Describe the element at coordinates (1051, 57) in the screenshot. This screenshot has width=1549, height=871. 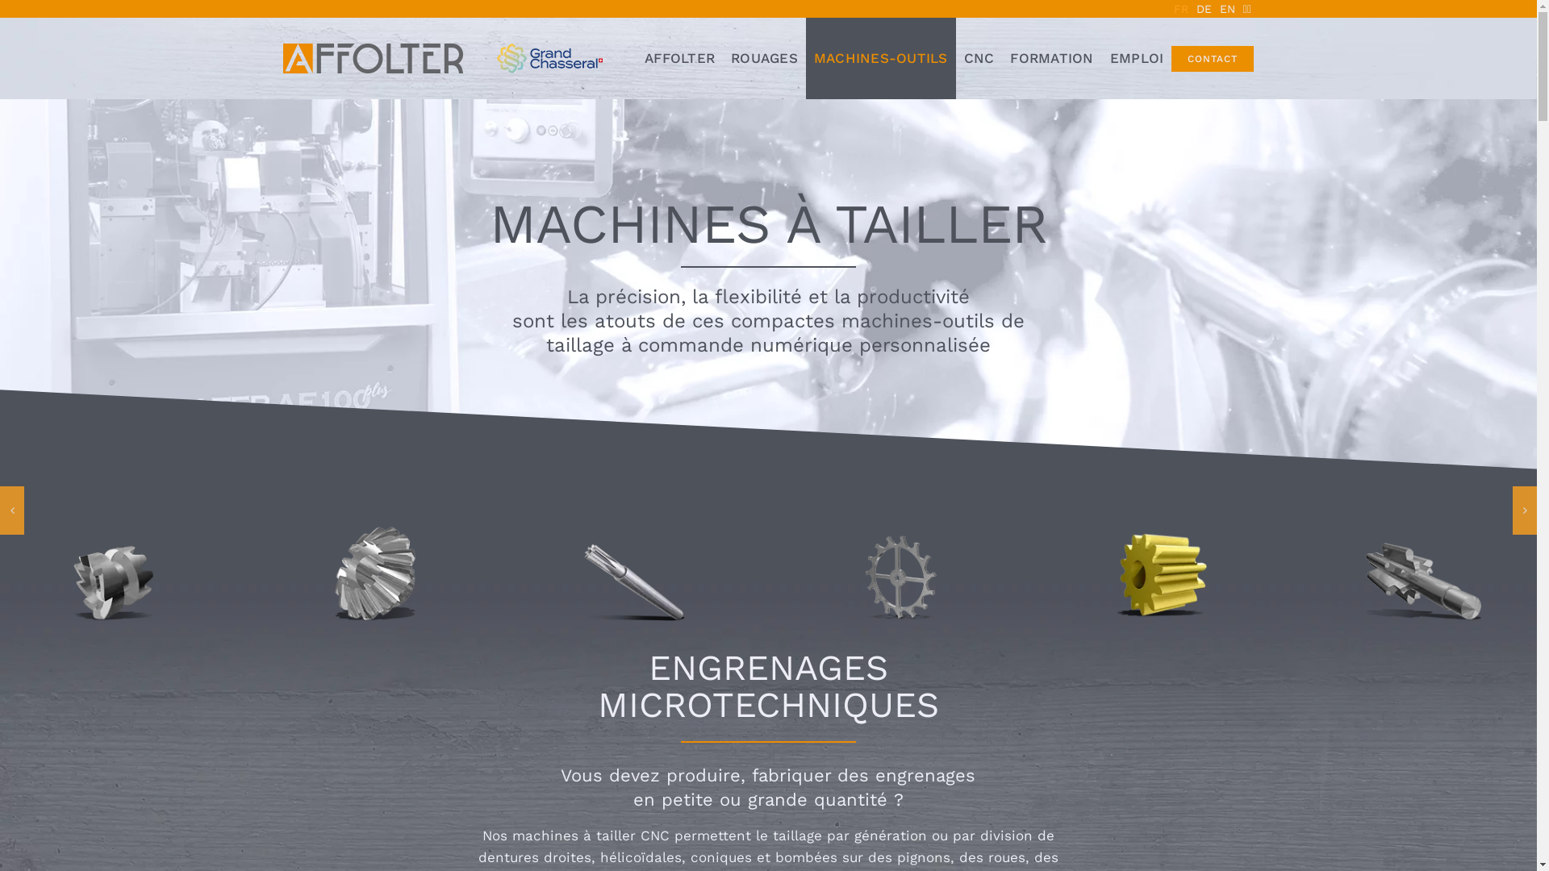
I see `'FORMATION'` at that location.